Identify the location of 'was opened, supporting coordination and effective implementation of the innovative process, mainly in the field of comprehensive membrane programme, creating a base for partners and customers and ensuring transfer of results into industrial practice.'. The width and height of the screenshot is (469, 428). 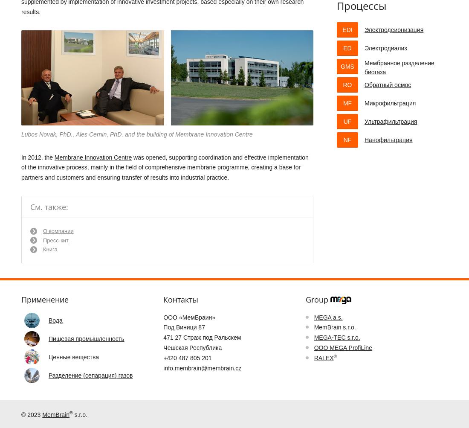
(21, 166).